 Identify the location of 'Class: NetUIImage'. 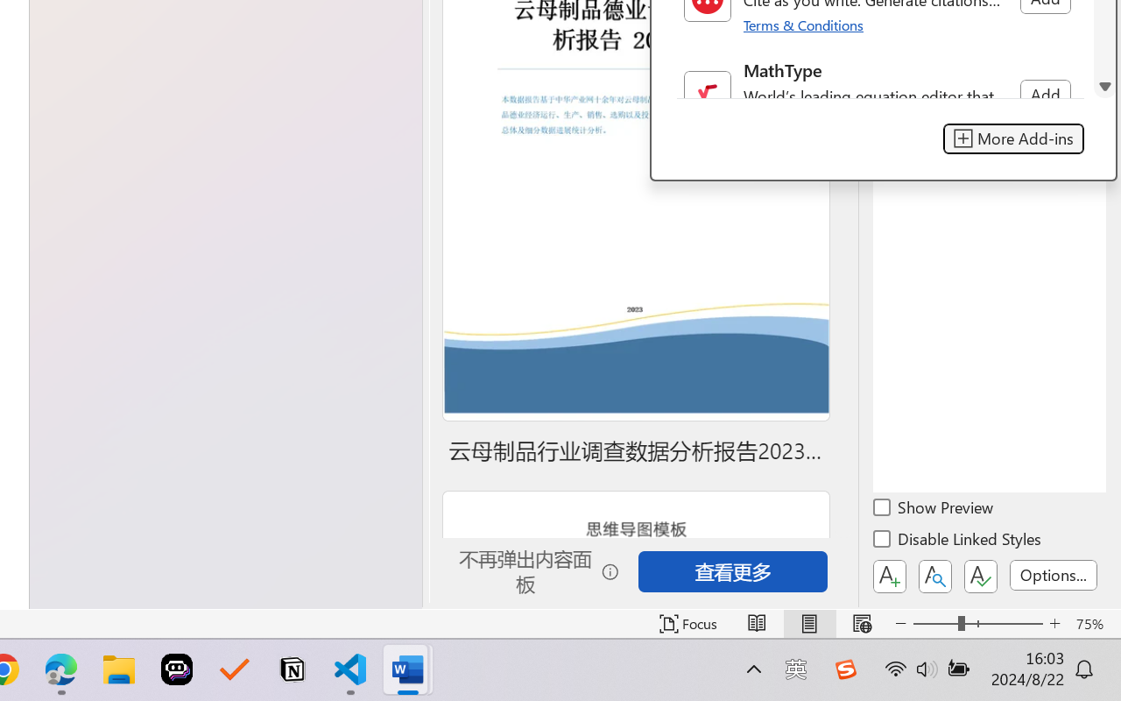
(707, 94).